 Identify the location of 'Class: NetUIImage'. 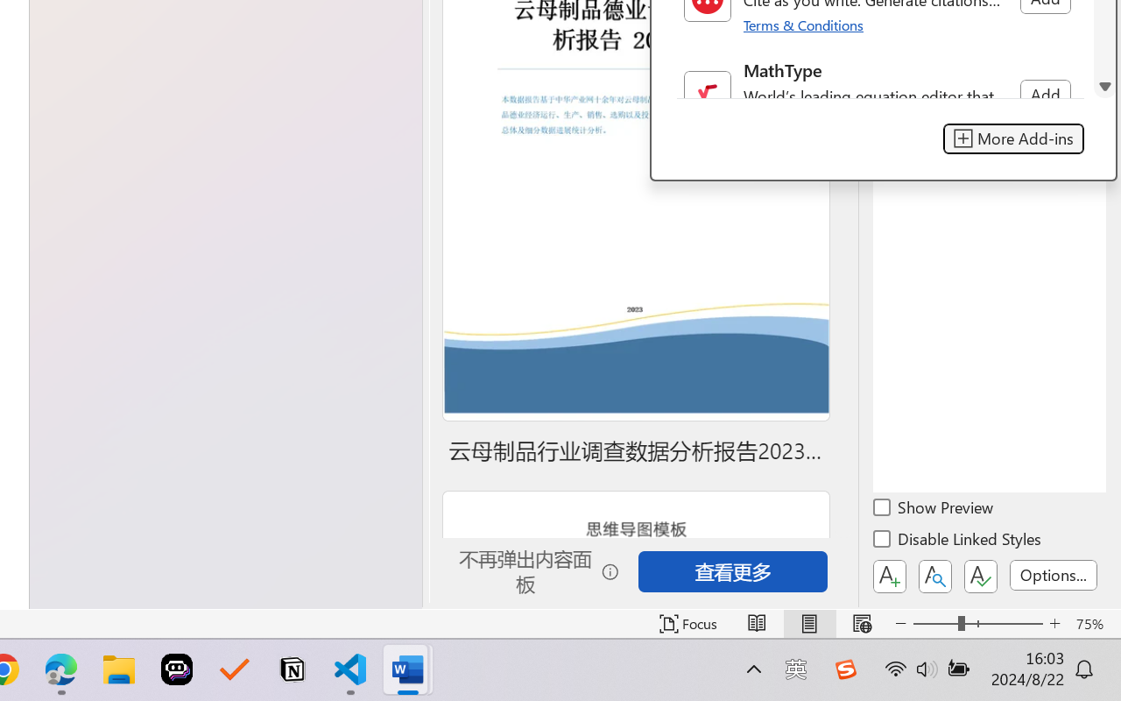
(707, 94).